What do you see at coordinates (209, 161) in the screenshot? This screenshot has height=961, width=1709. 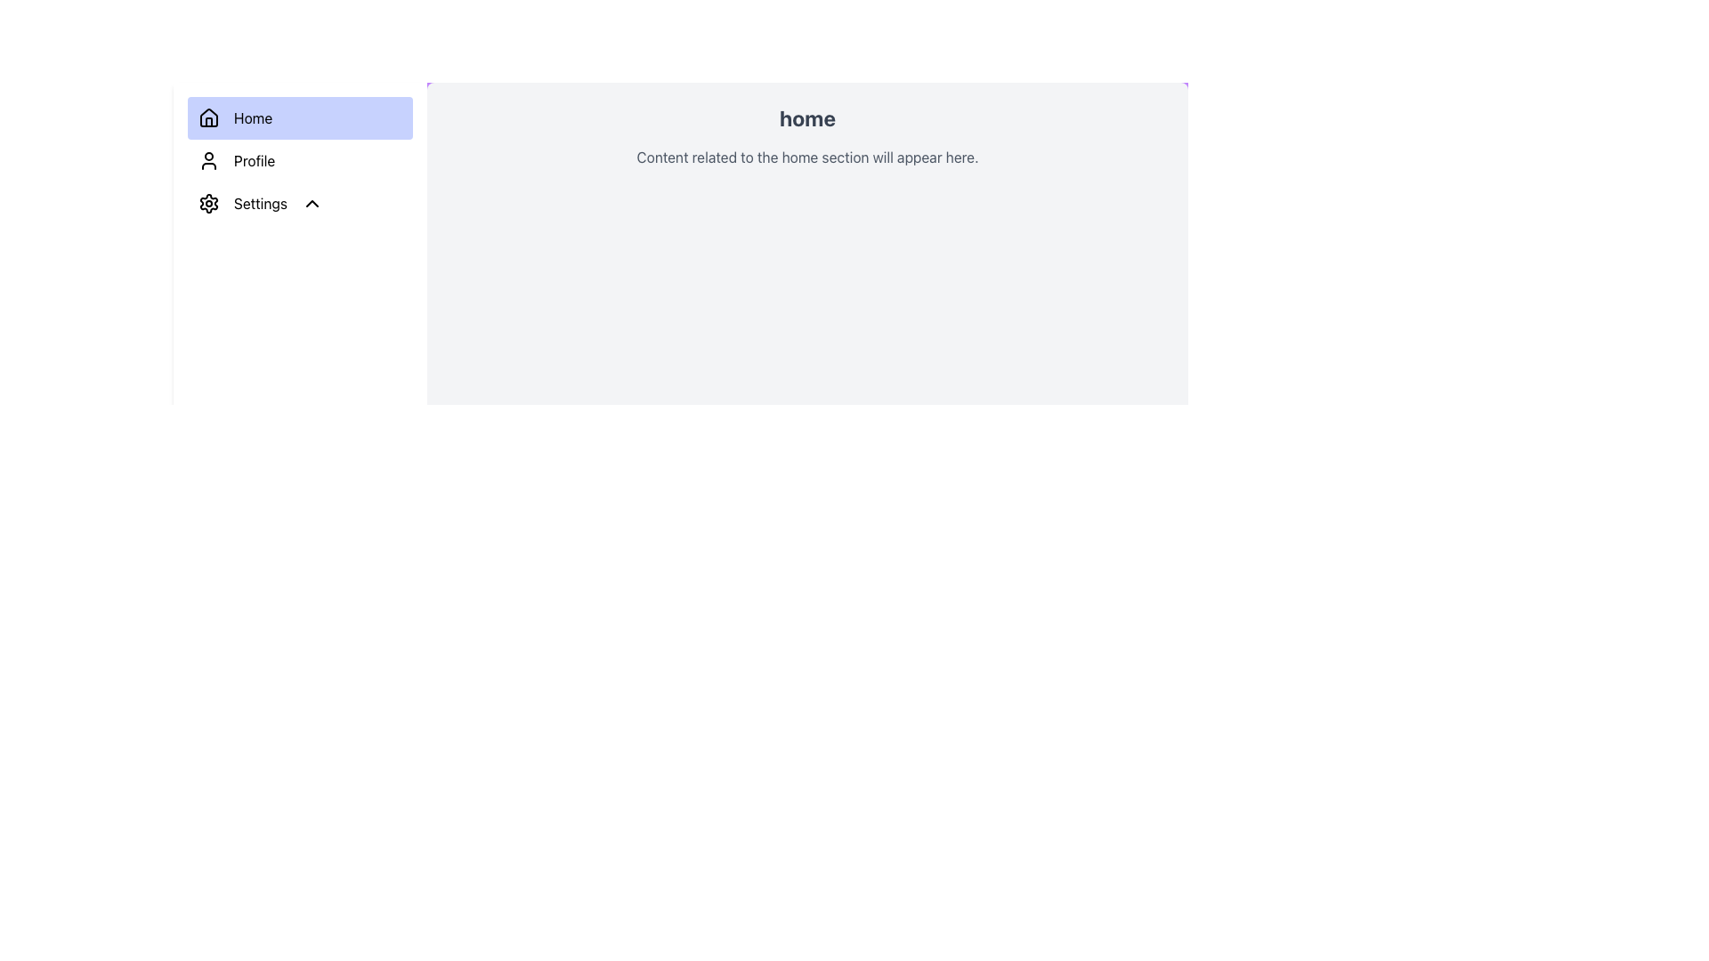 I see `the user icon element representing a profile or account for keyboard interaction` at bounding box center [209, 161].